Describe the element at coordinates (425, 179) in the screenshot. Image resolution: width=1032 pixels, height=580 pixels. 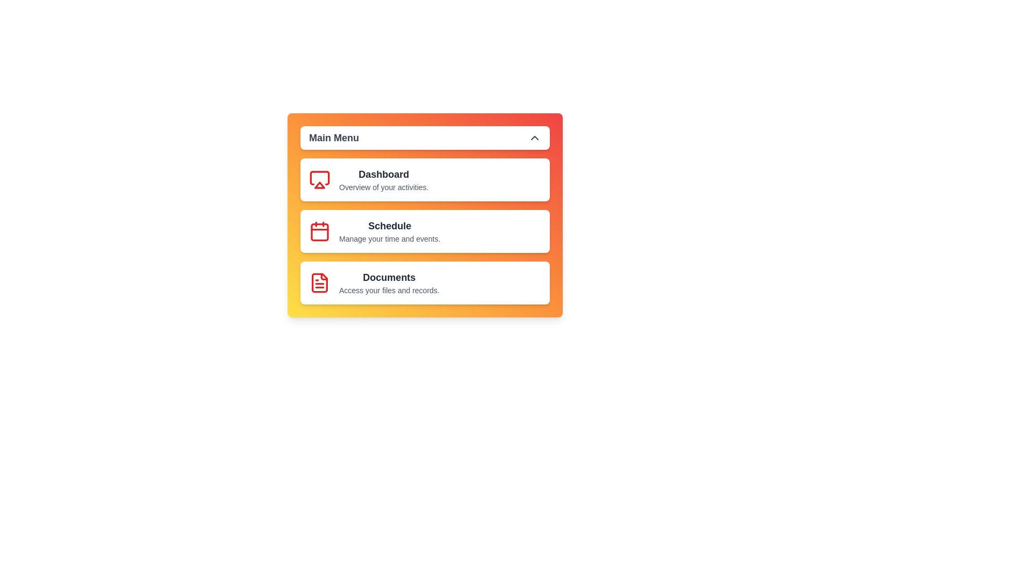
I see `the menu item Dashboard by clicking on it` at that location.